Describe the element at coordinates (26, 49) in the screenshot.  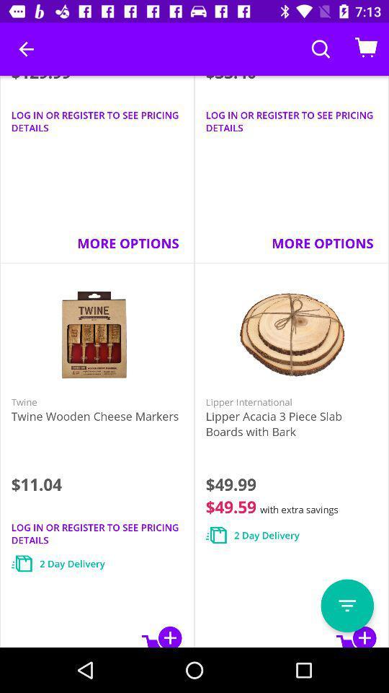
I see `the icon above the $129.99 icon` at that location.